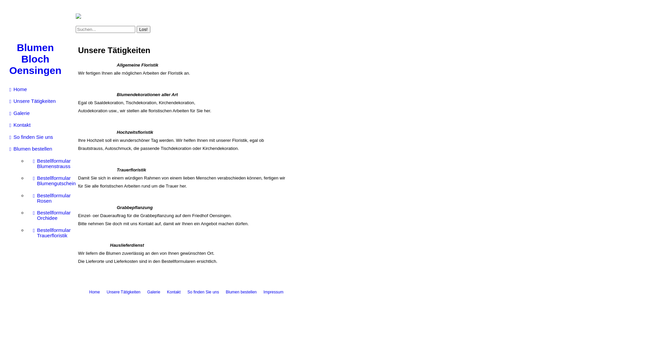 Image resolution: width=646 pixels, height=363 pixels. I want to click on 'Bestellformular Rosen', so click(50, 198).